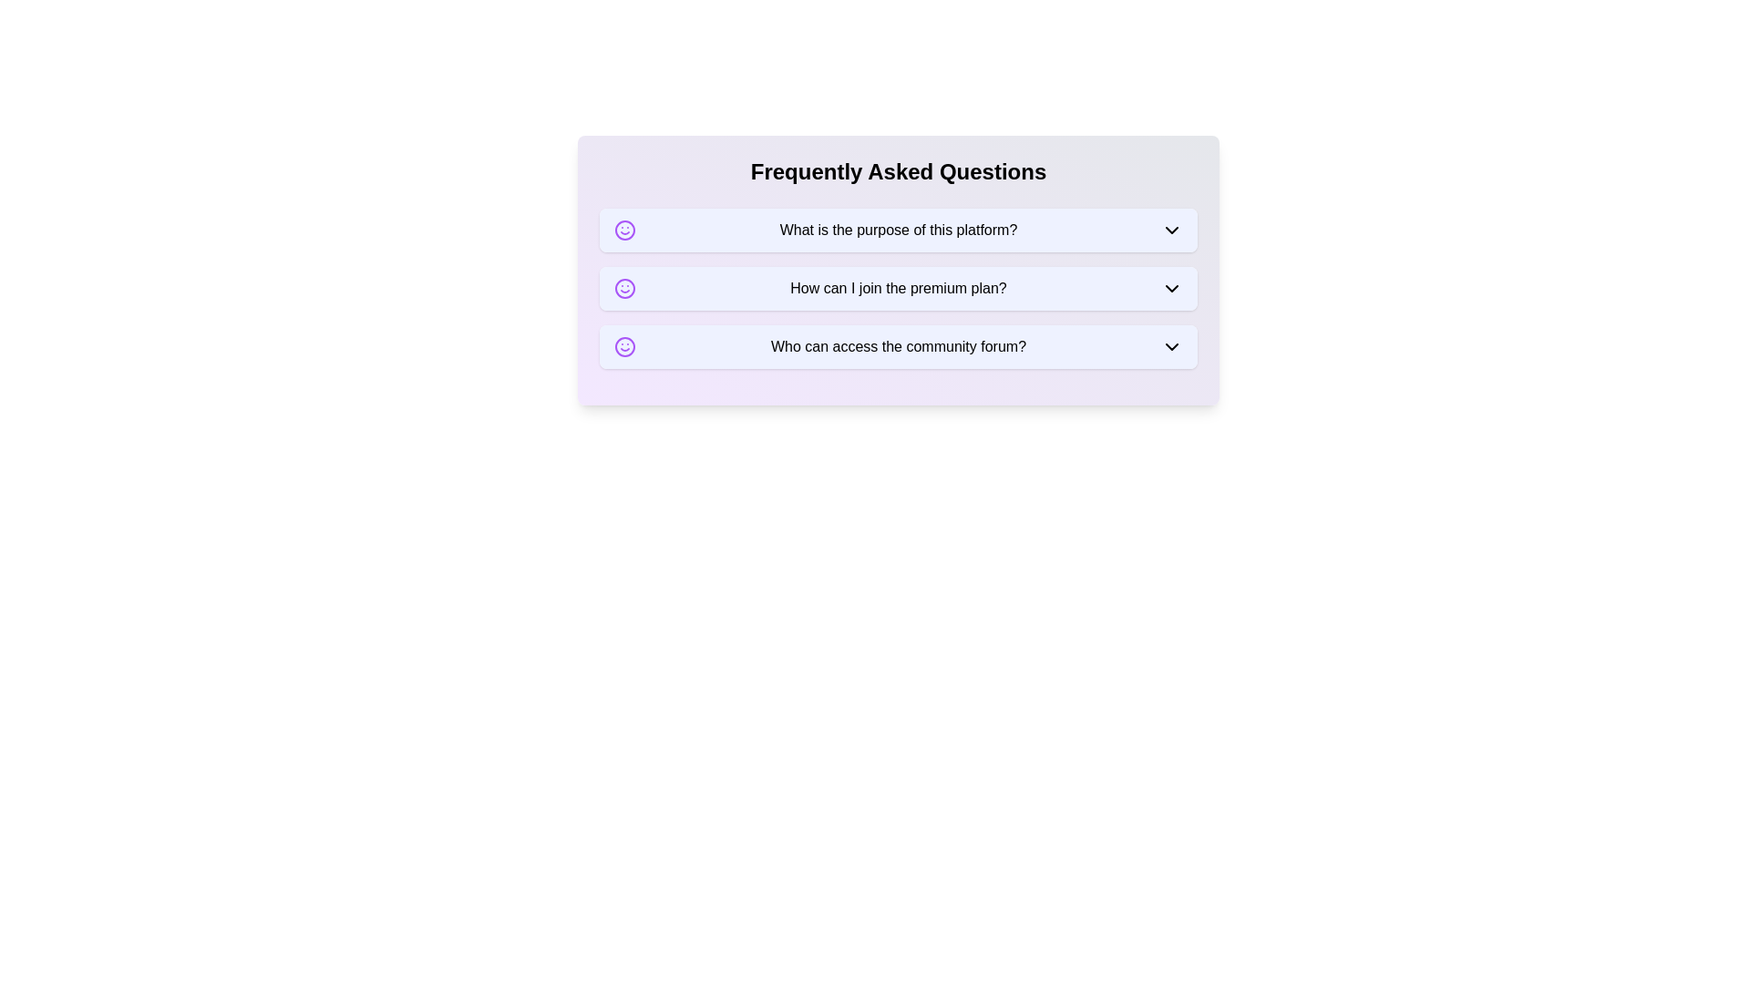 The height and width of the screenshot is (984, 1750). What do you see at coordinates (1172, 230) in the screenshot?
I see `the downward-pointing chevron icon located in the uppermost question item of the FAQ list` at bounding box center [1172, 230].